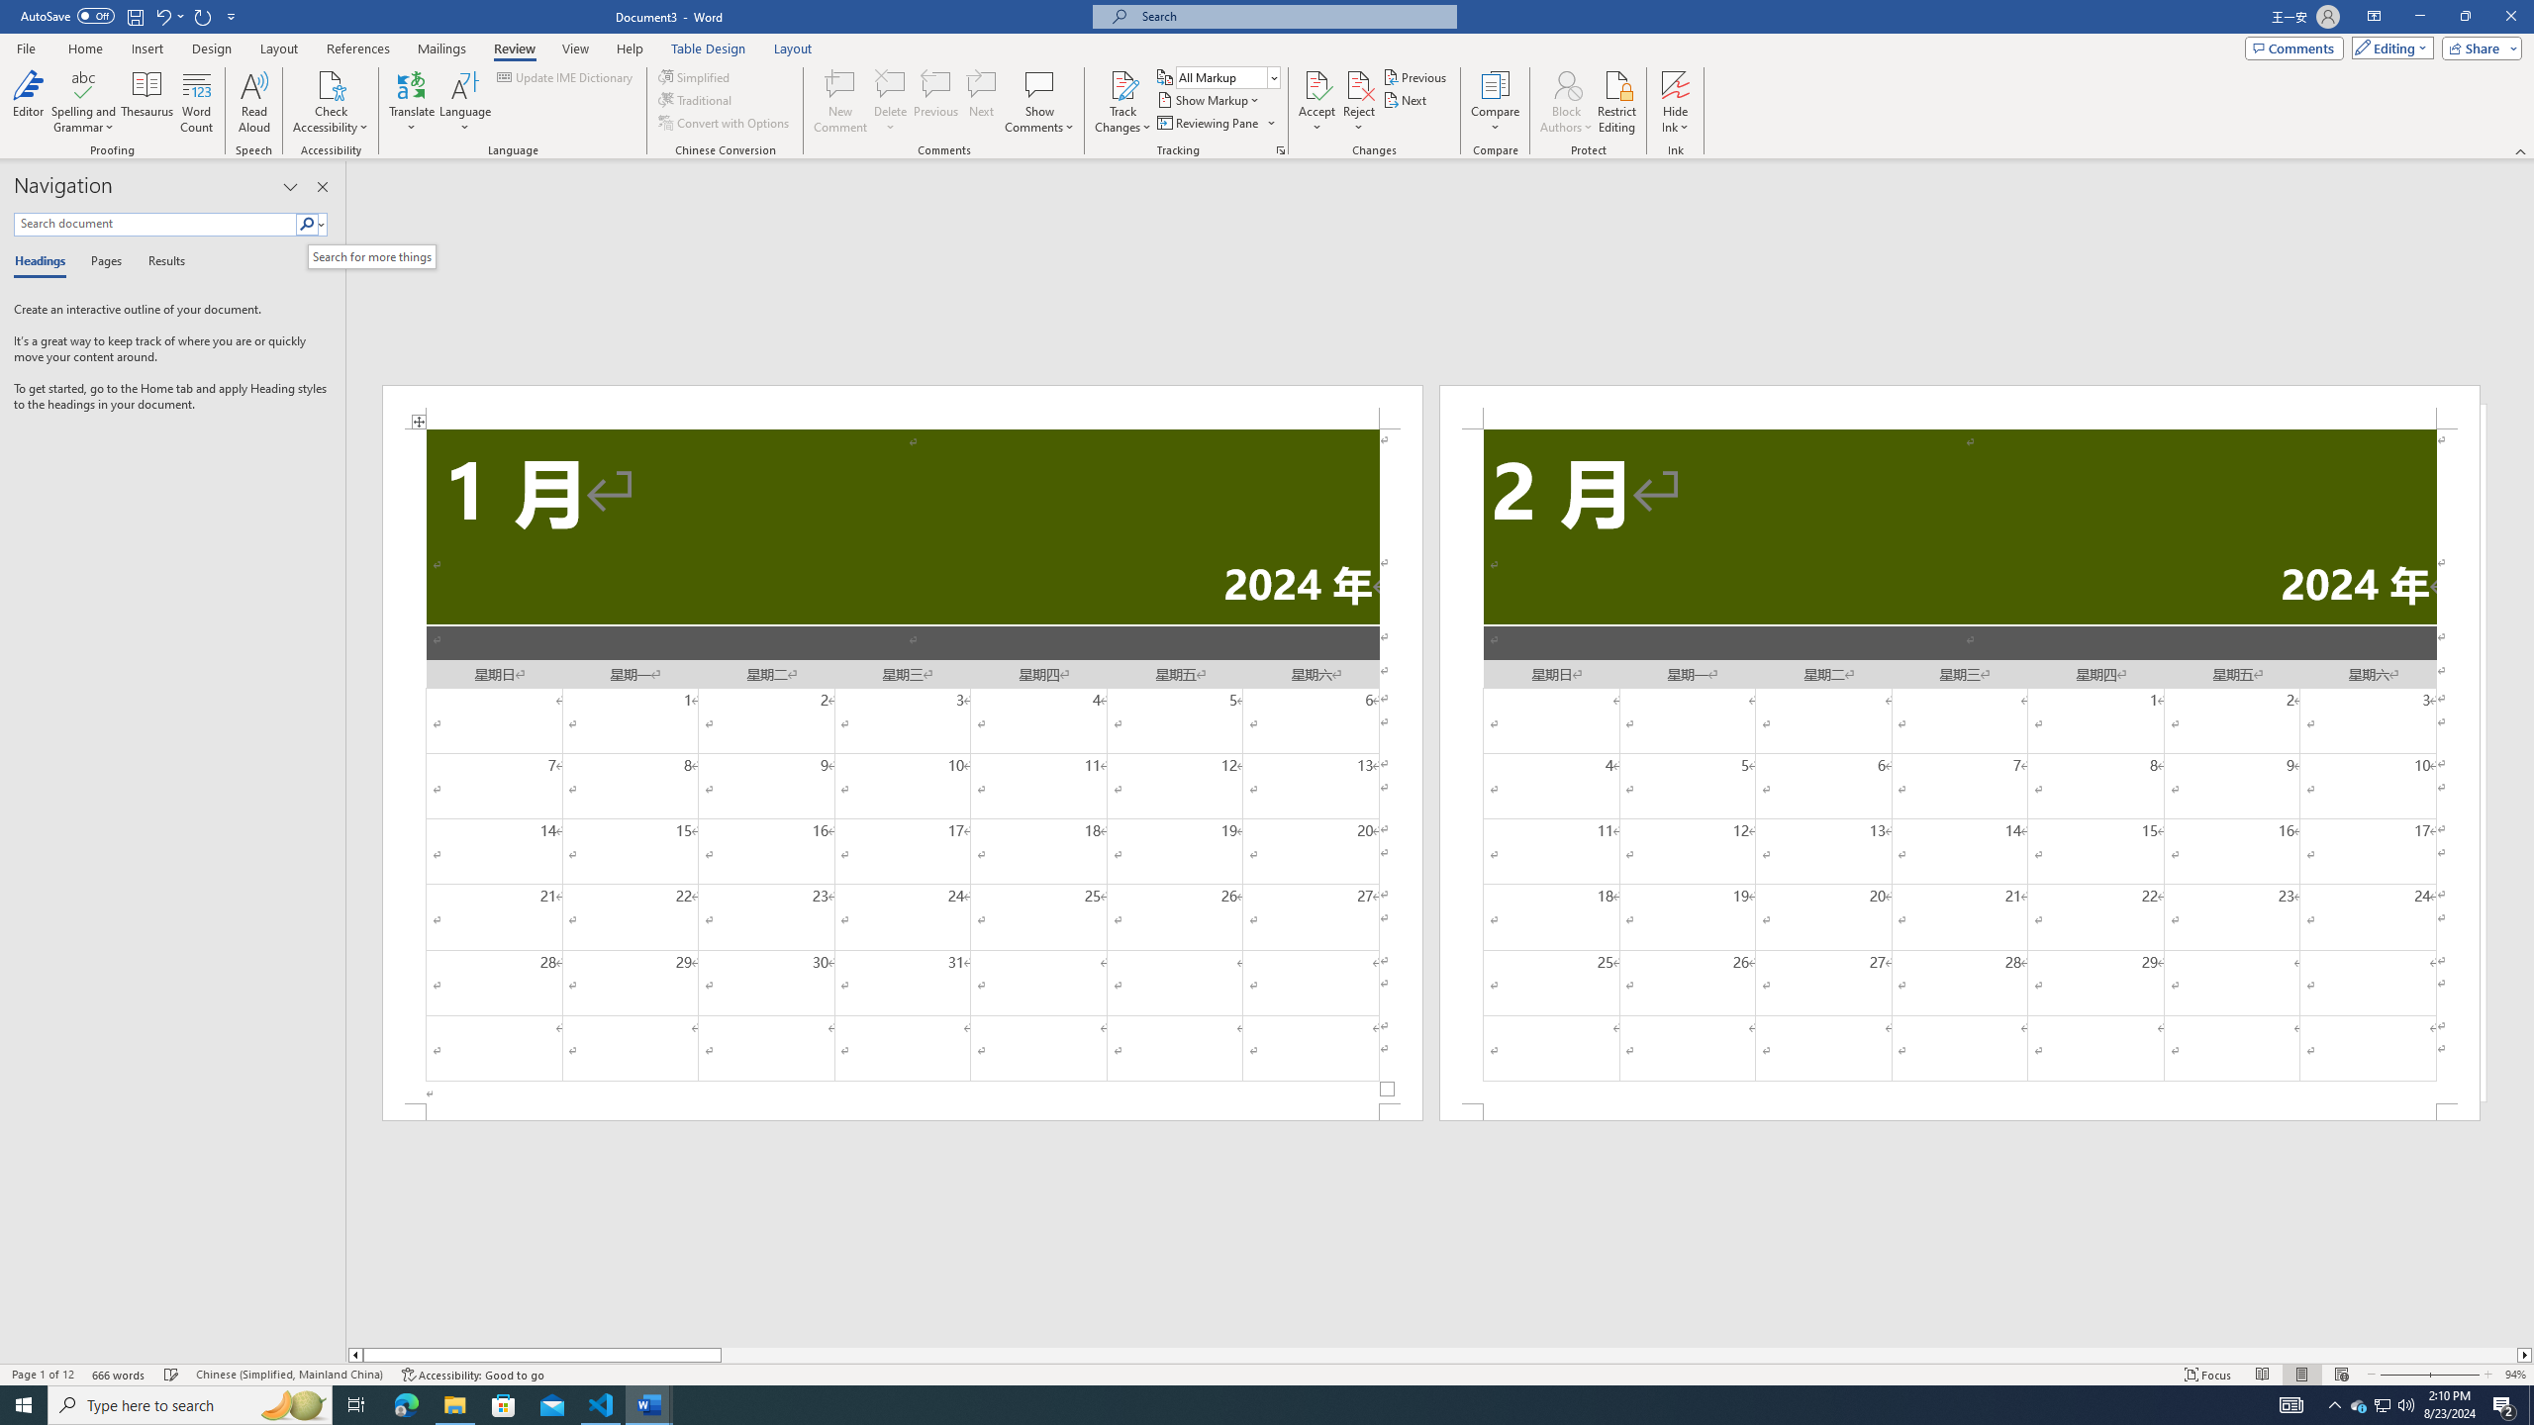 The image size is (2534, 1425). I want to click on 'Column left', so click(354, 1354).